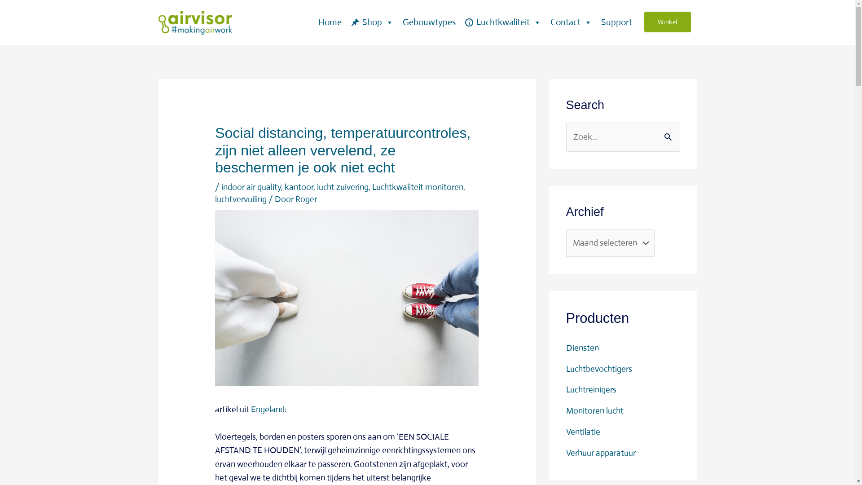 Image resolution: width=862 pixels, height=485 pixels. Describe the element at coordinates (571, 22) in the screenshot. I see `'Contact'` at that location.